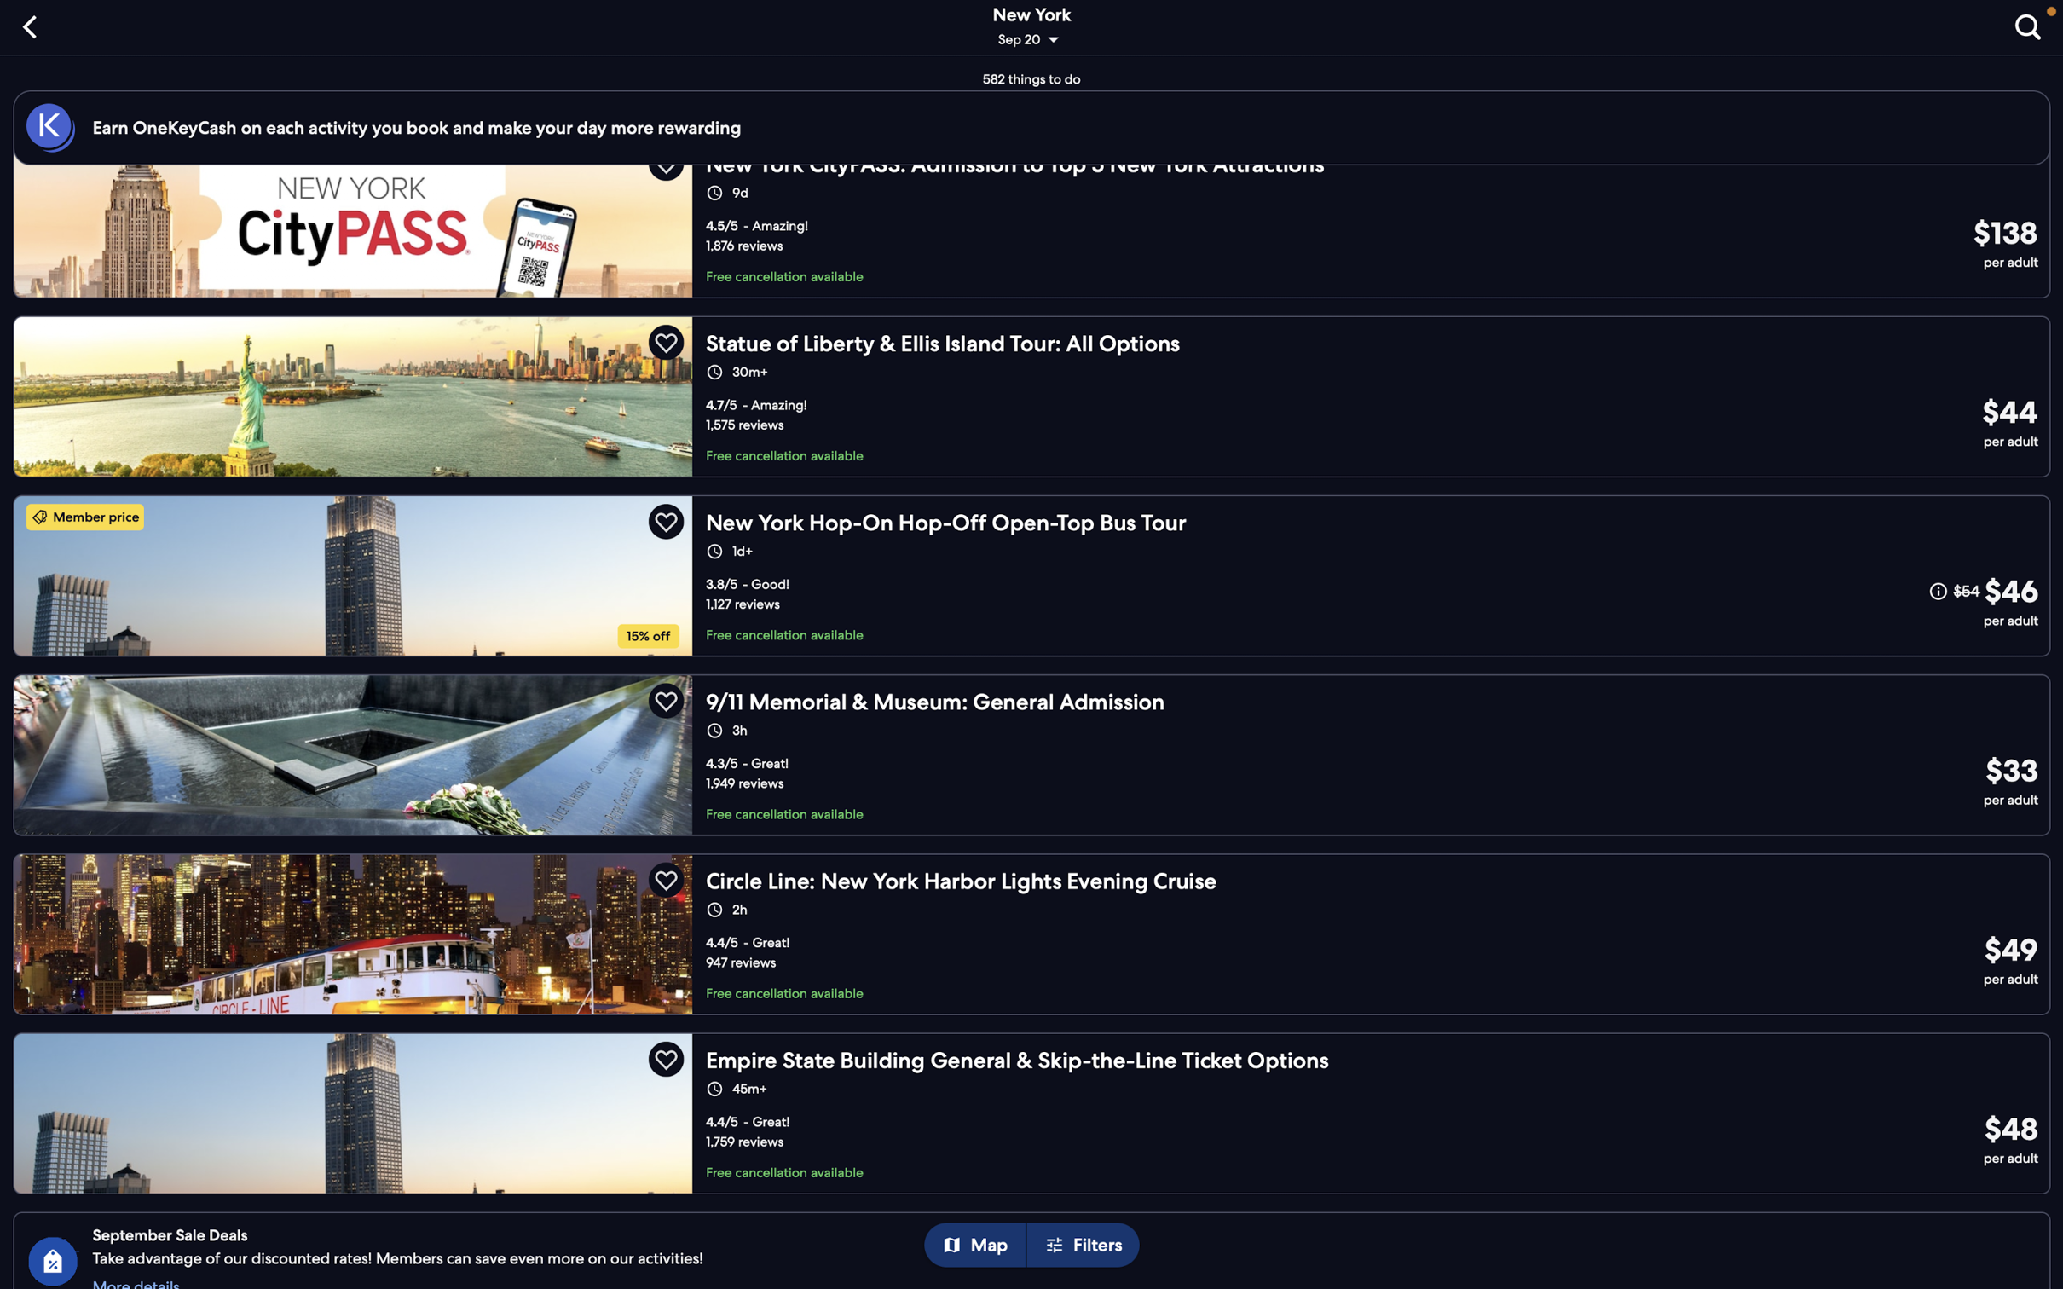 The image size is (2063, 1289). What do you see at coordinates (1088, 1246) in the screenshot?
I see `the filters button to adjust your selection` at bounding box center [1088, 1246].